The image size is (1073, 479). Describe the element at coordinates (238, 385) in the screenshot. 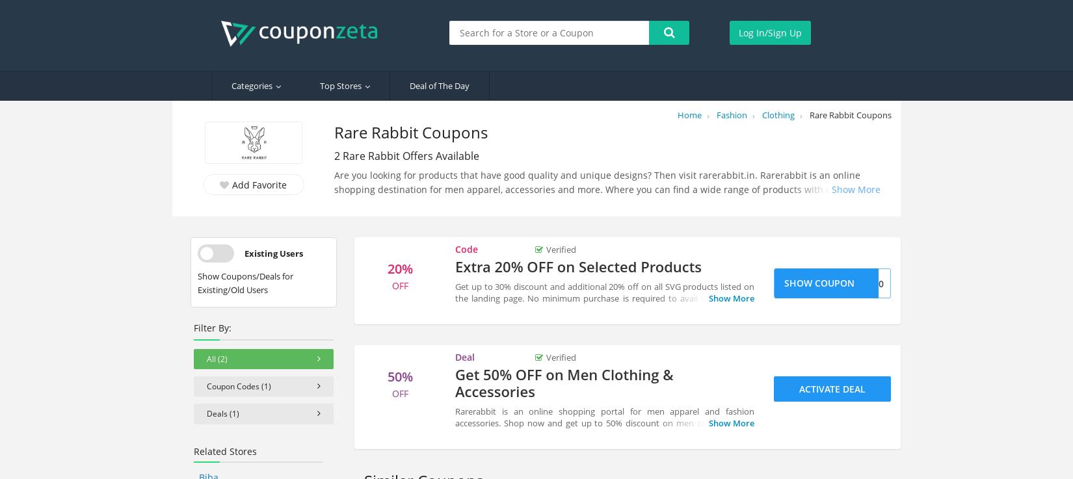

I see `'Coupon Codes (1)'` at that location.